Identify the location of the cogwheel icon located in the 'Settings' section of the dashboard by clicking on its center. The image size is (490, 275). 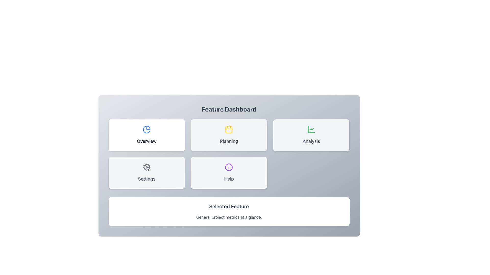
(146, 167).